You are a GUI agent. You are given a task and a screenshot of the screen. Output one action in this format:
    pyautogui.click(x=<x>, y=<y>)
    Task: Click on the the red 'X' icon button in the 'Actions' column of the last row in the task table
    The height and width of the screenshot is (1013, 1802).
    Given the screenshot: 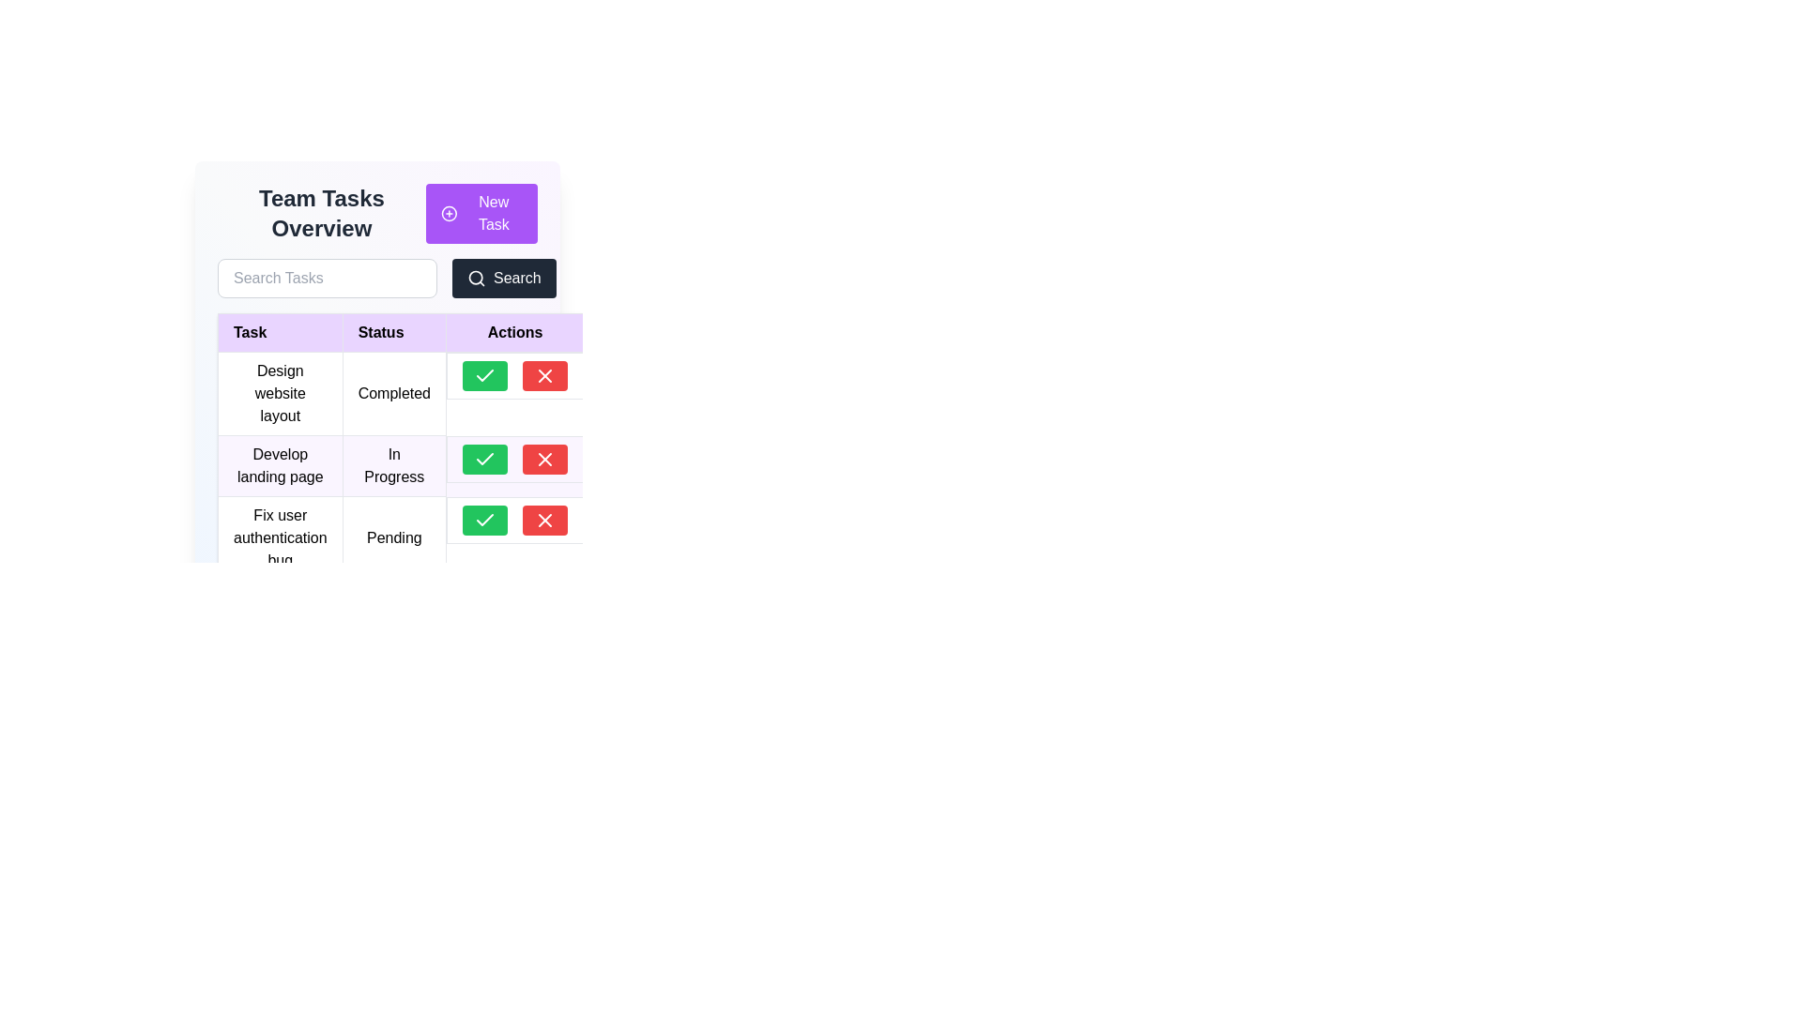 What is the action you would take?
    pyautogui.click(x=543, y=520)
    